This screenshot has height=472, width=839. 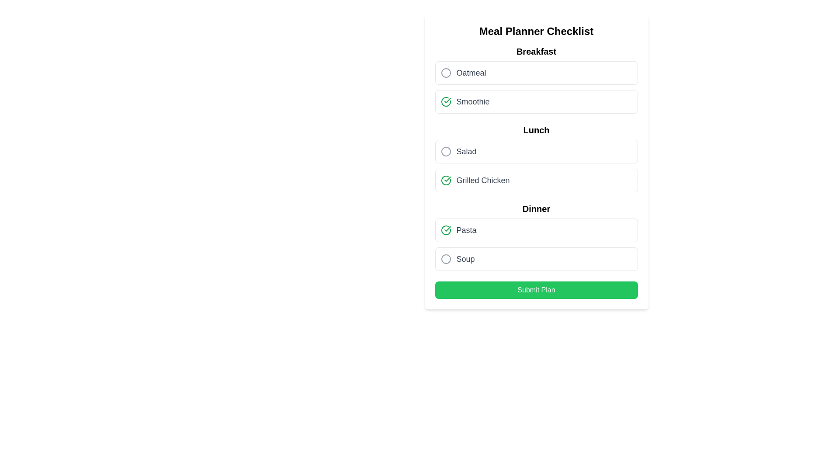 I want to click on the 'Oatmeal' text label, which is the first option under the 'Breakfast' section in the meal planner checklist, so click(x=471, y=72).